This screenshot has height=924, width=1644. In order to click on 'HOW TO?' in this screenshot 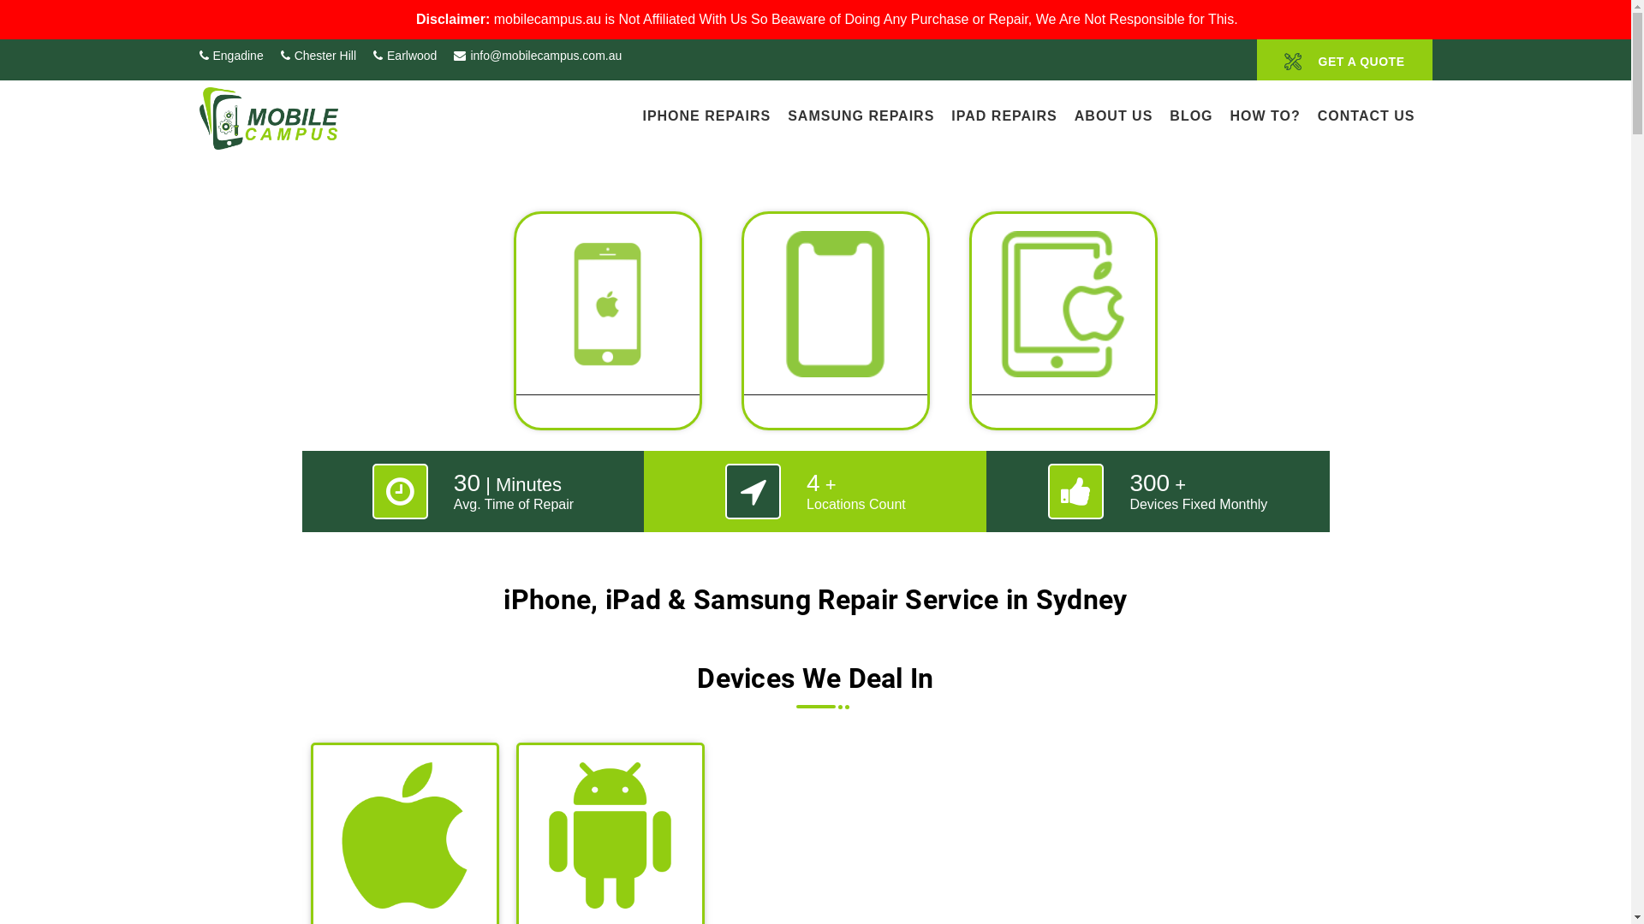, I will do `click(1266, 114)`.